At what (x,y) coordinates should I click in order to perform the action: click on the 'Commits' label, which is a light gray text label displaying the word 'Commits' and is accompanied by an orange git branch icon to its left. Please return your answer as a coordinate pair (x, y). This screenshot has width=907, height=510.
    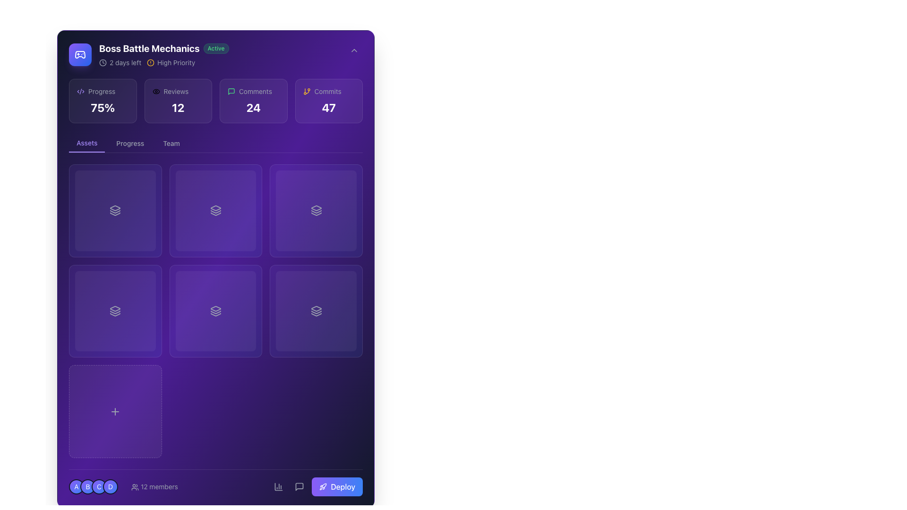
    Looking at the image, I should click on (329, 91).